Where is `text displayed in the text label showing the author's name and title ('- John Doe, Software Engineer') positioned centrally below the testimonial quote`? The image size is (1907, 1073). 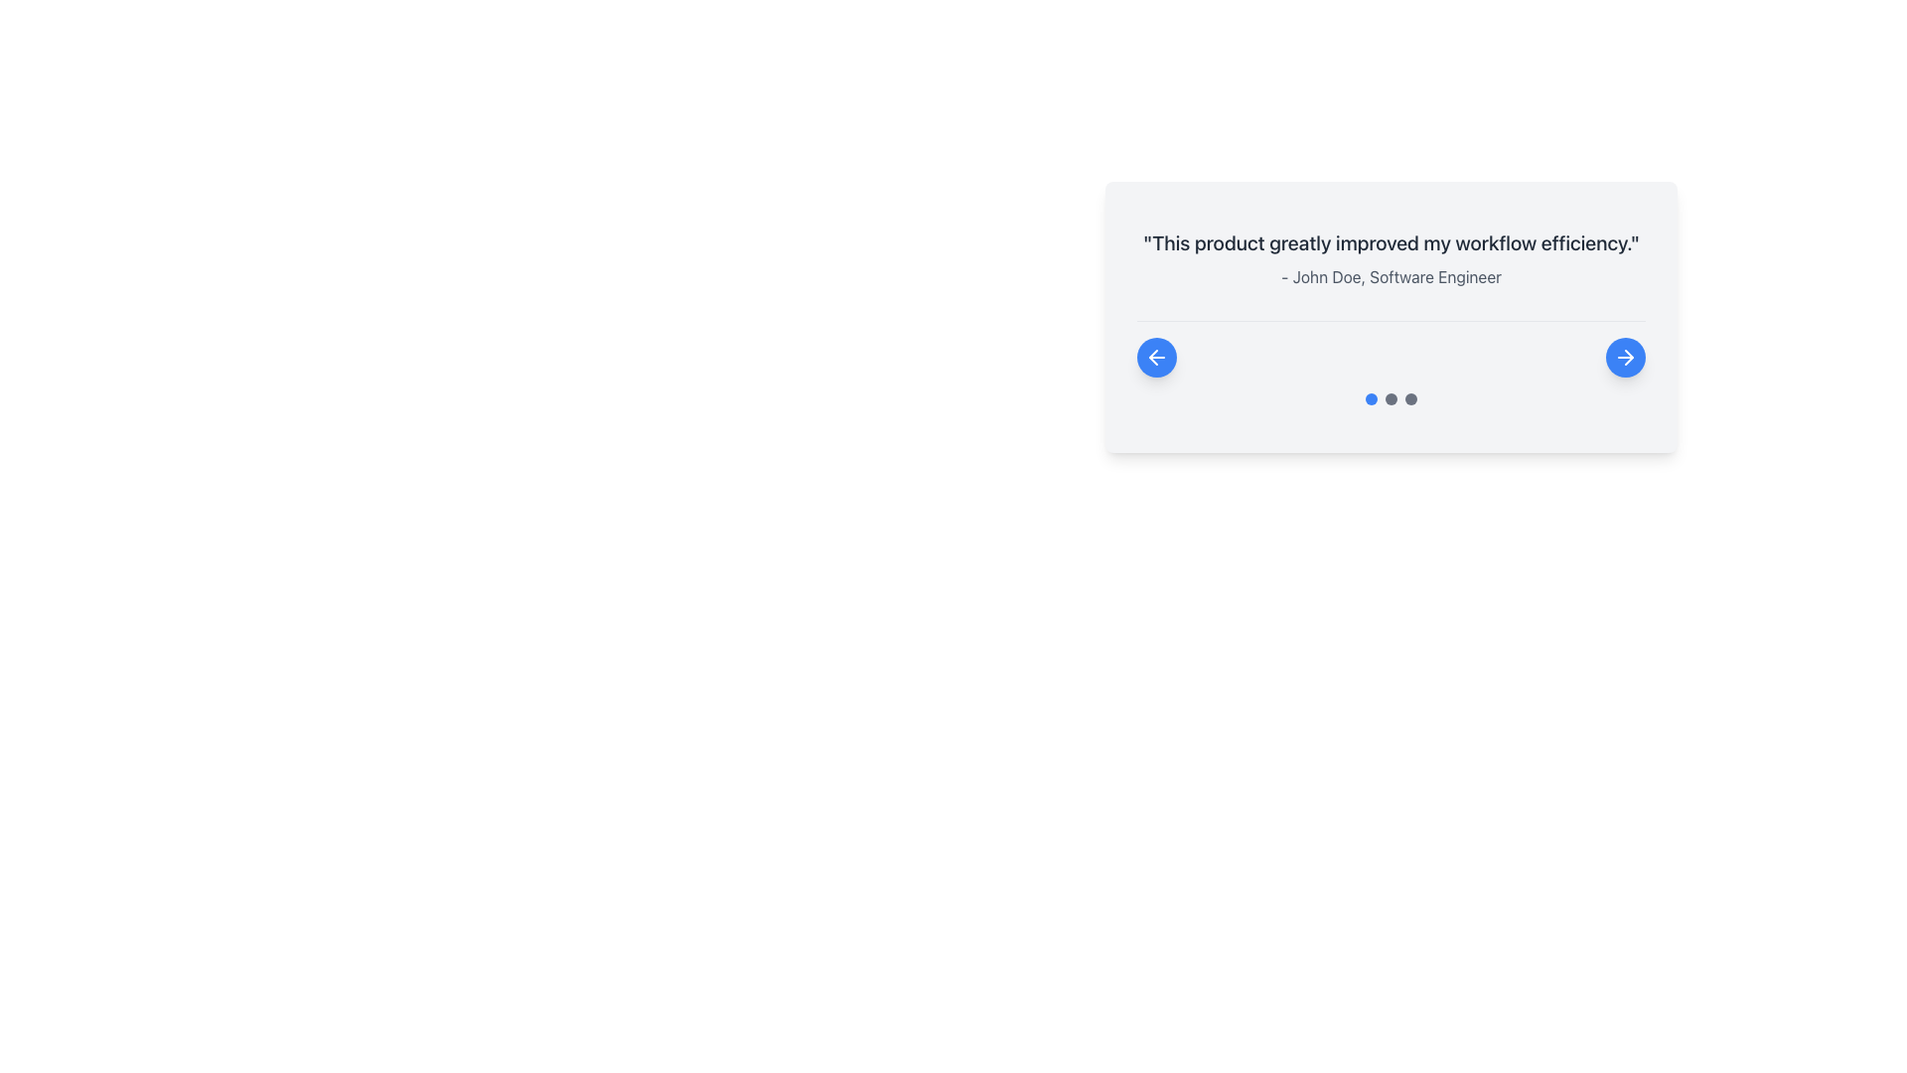
text displayed in the text label showing the author's name and title ('- John Doe, Software Engineer') positioned centrally below the testimonial quote is located at coordinates (1391, 276).